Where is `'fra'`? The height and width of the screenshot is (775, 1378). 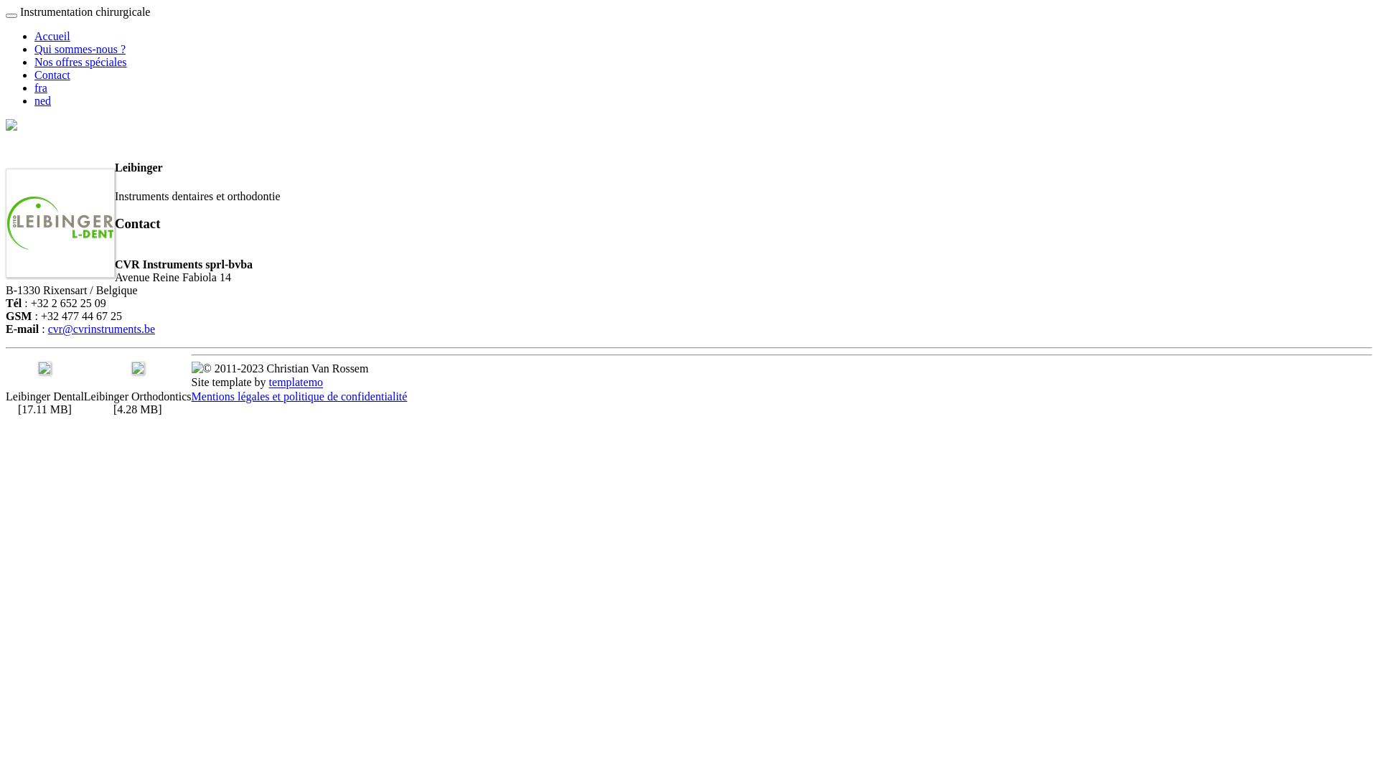
'fra' is located at coordinates (41, 88).